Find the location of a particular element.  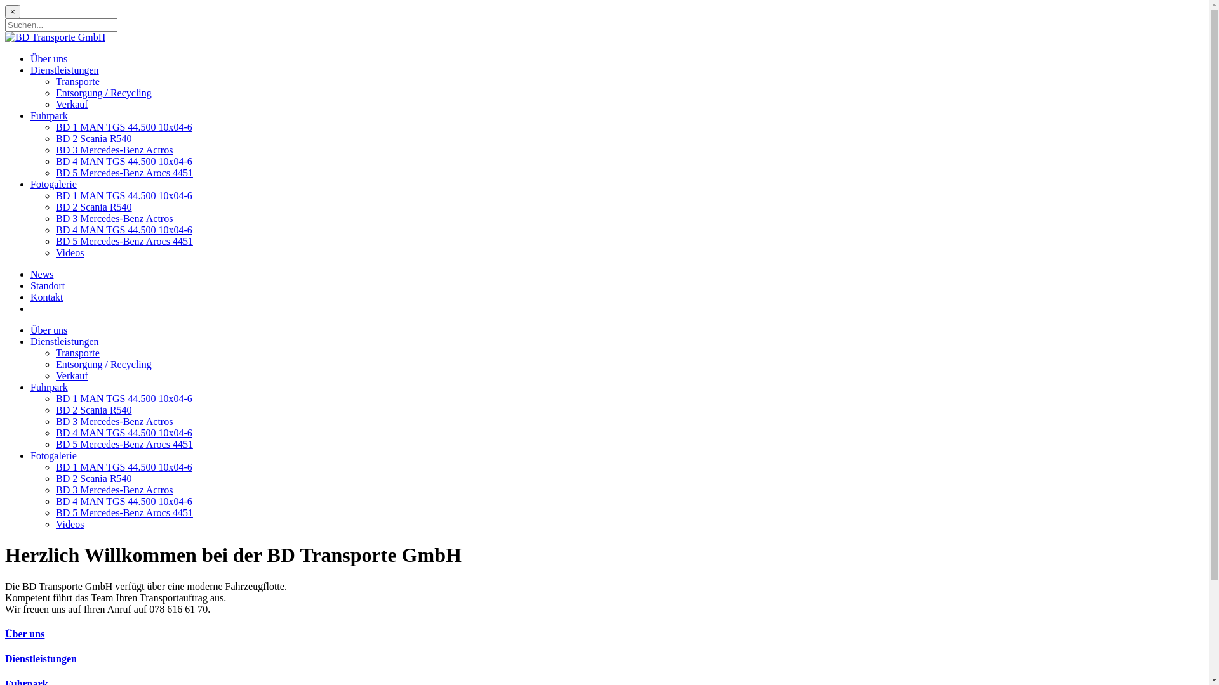

'BD 3 Mercedes-Benz Actros' is located at coordinates (55, 489).